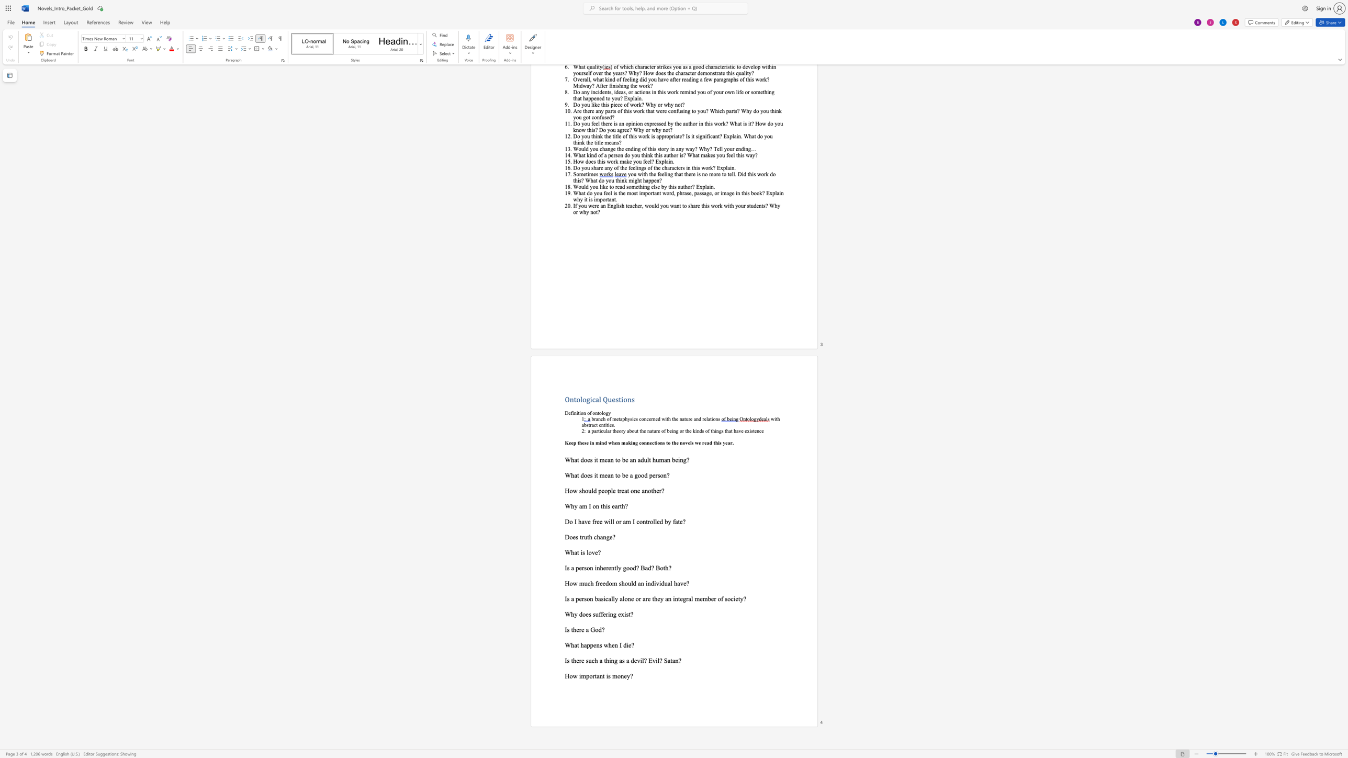  I want to click on the 1th character "e" in the text, so click(569, 443).